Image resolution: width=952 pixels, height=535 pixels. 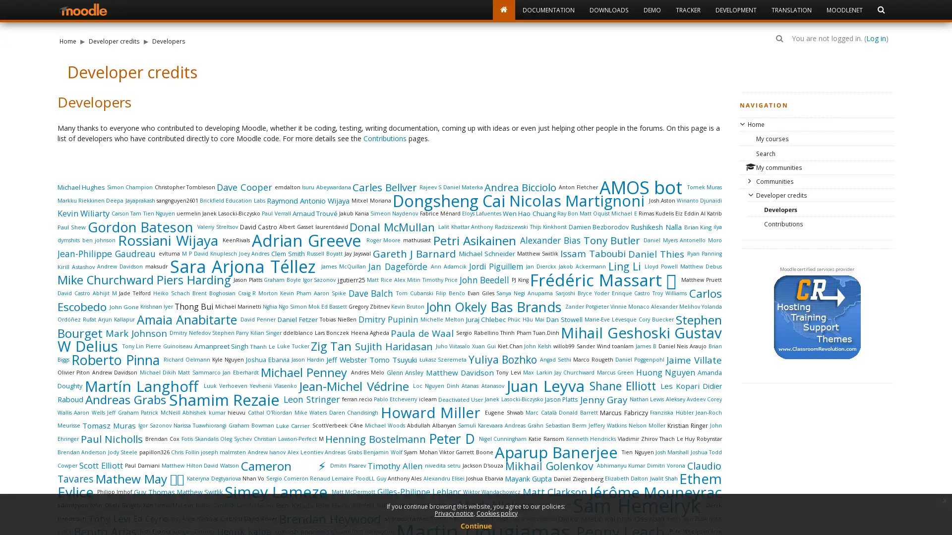 What do you see at coordinates (779, 38) in the screenshot?
I see `Toggle search input` at bounding box center [779, 38].